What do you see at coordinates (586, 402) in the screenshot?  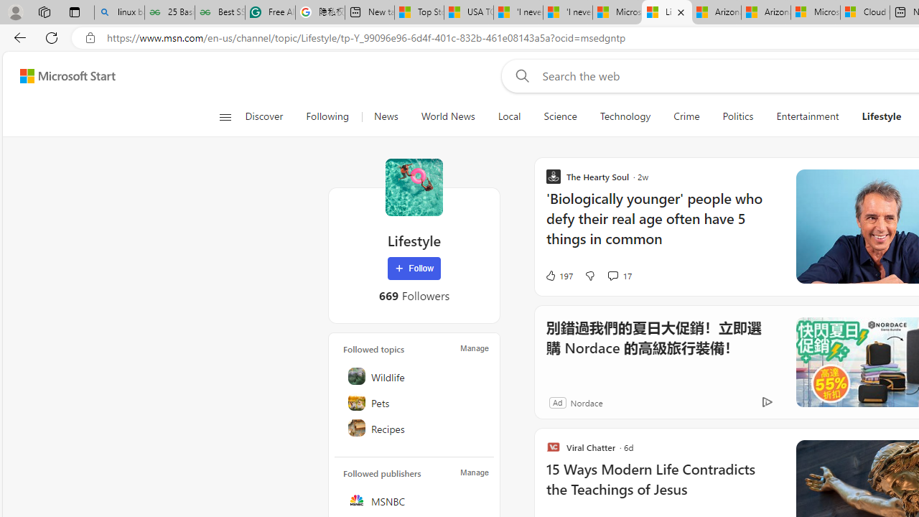 I see `'Nordace'` at bounding box center [586, 402].